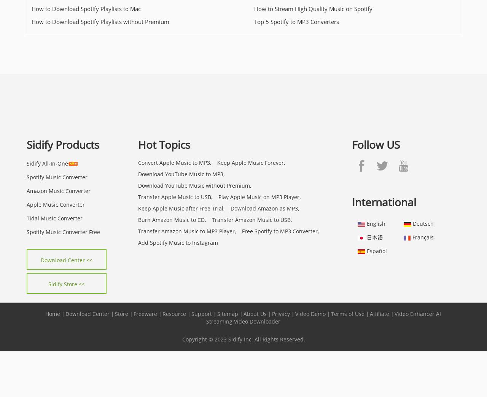  What do you see at coordinates (66, 284) in the screenshot?
I see `'Sidify Store   <<'` at bounding box center [66, 284].